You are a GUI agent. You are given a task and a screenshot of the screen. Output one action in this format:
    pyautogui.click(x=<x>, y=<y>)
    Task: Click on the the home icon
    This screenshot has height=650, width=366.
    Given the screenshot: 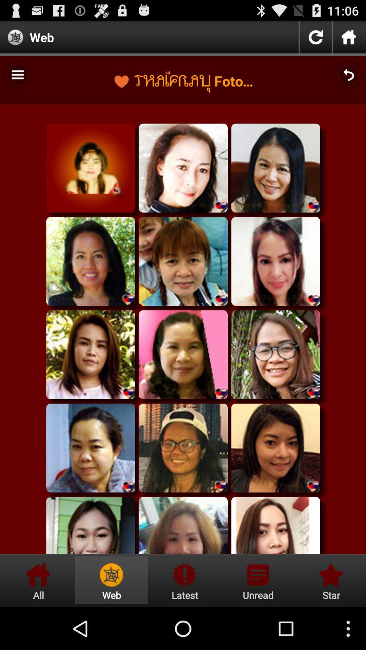 What is the action you would take?
    pyautogui.click(x=349, y=40)
    